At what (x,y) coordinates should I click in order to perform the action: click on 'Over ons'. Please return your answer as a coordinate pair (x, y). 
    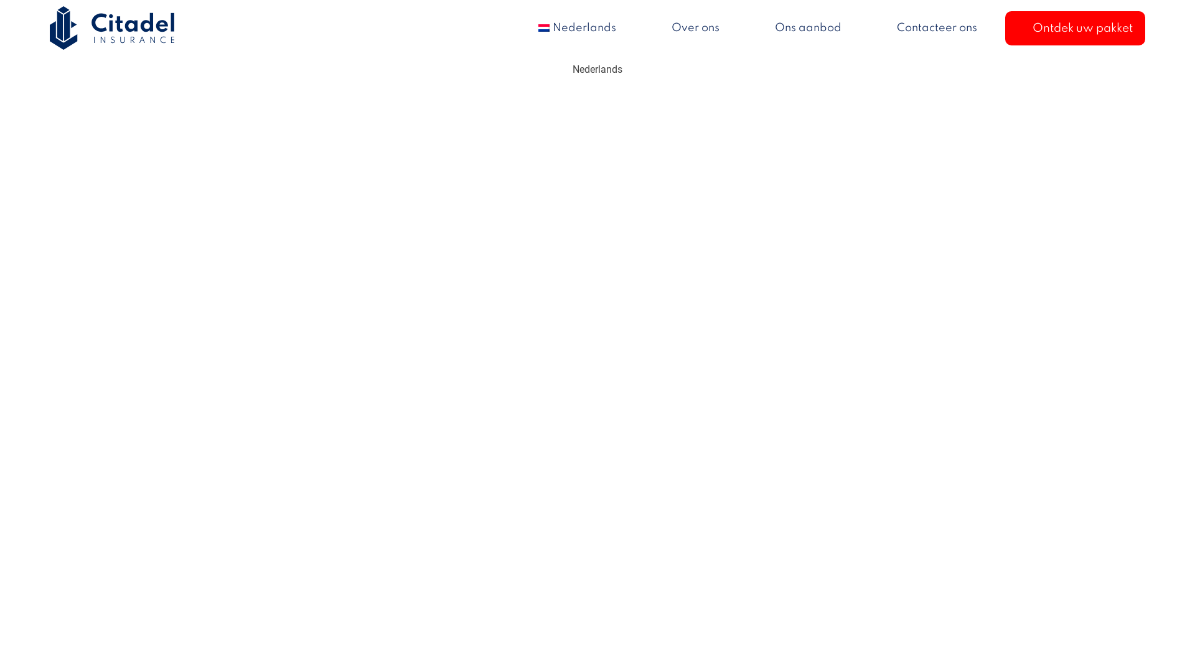
    Looking at the image, I should click on (695, 28).